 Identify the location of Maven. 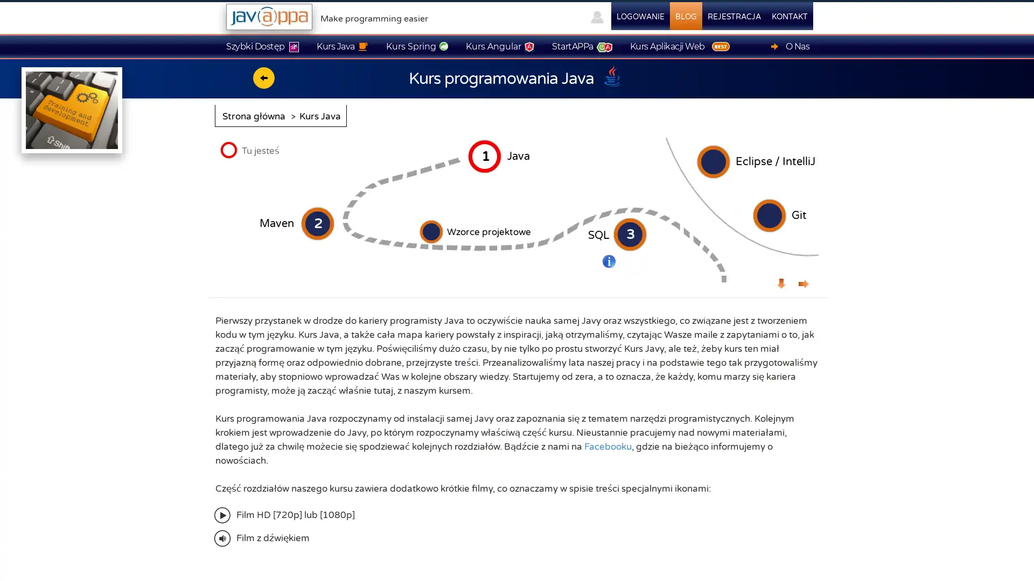
(281, 223).